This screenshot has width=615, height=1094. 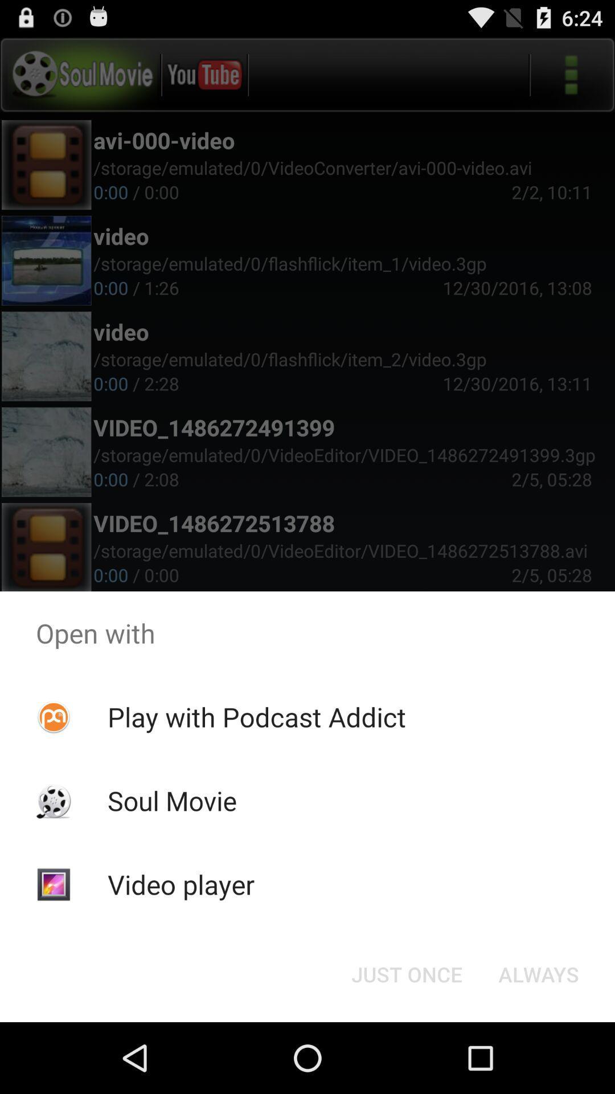 What do you see at coordinates (406, 973) in the screenshot?
I see `just once item` at bounding box center [406, 973].